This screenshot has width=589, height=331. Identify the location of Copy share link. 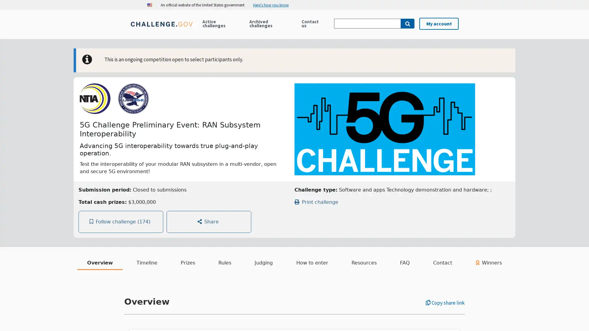
(445, 302).